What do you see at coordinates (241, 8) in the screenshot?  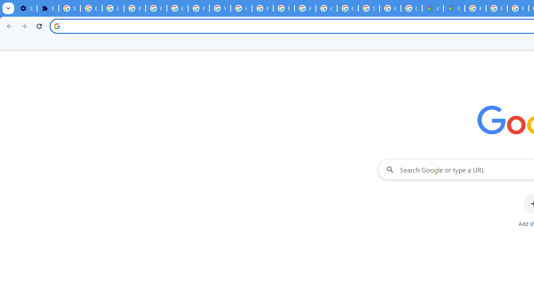 I see `'https://scholar.google.com/'` at bounding box center [241, 8].